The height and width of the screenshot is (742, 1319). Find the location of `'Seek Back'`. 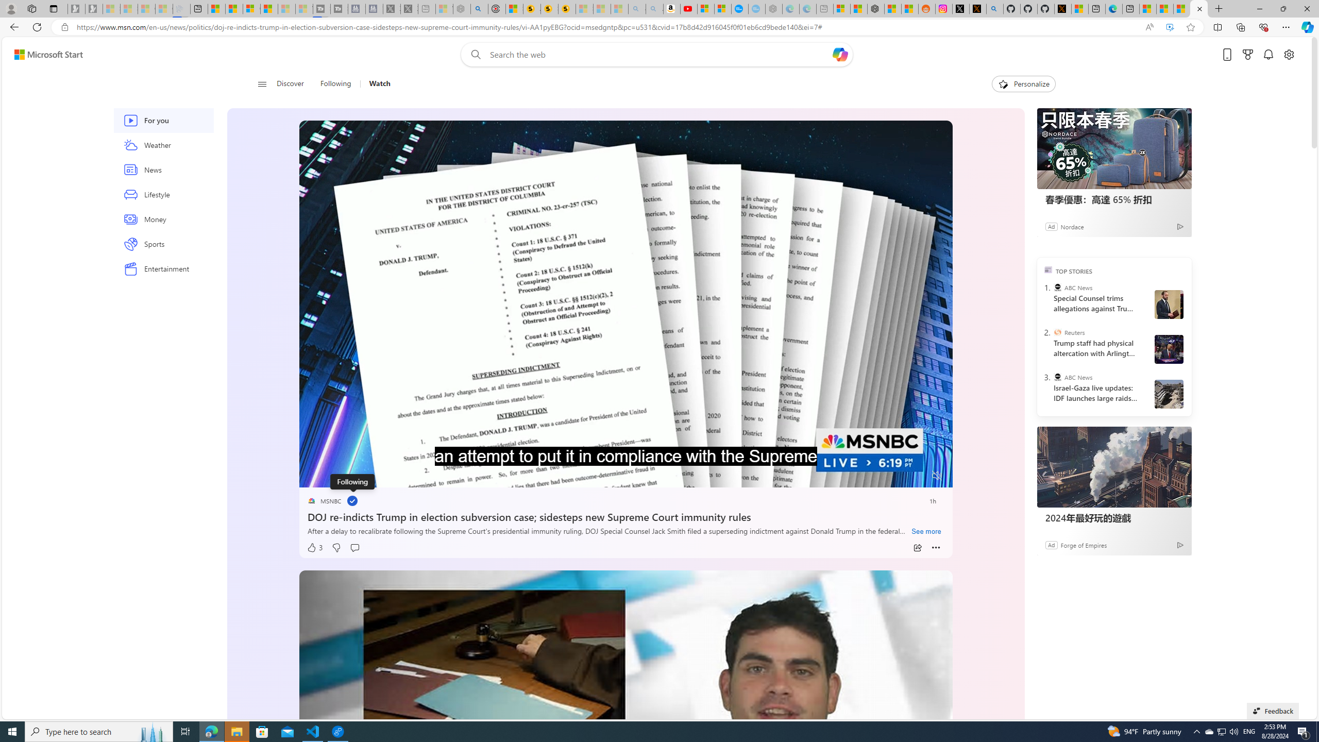

'Seek Back' is located at coordinates (334, 476).